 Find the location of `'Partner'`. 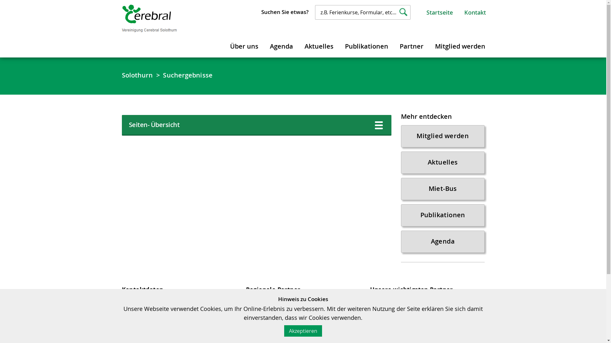

'Partner' is located at coordinates (394, 45).